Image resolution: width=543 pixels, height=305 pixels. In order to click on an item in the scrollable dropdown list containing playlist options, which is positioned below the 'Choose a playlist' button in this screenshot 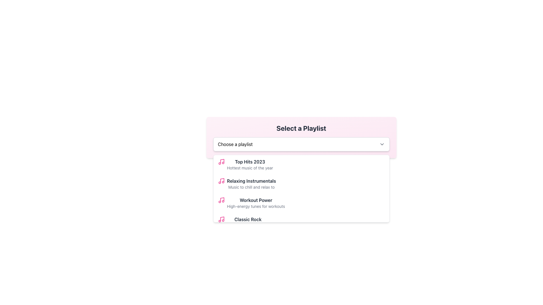, I will do `click(301, 188)`.